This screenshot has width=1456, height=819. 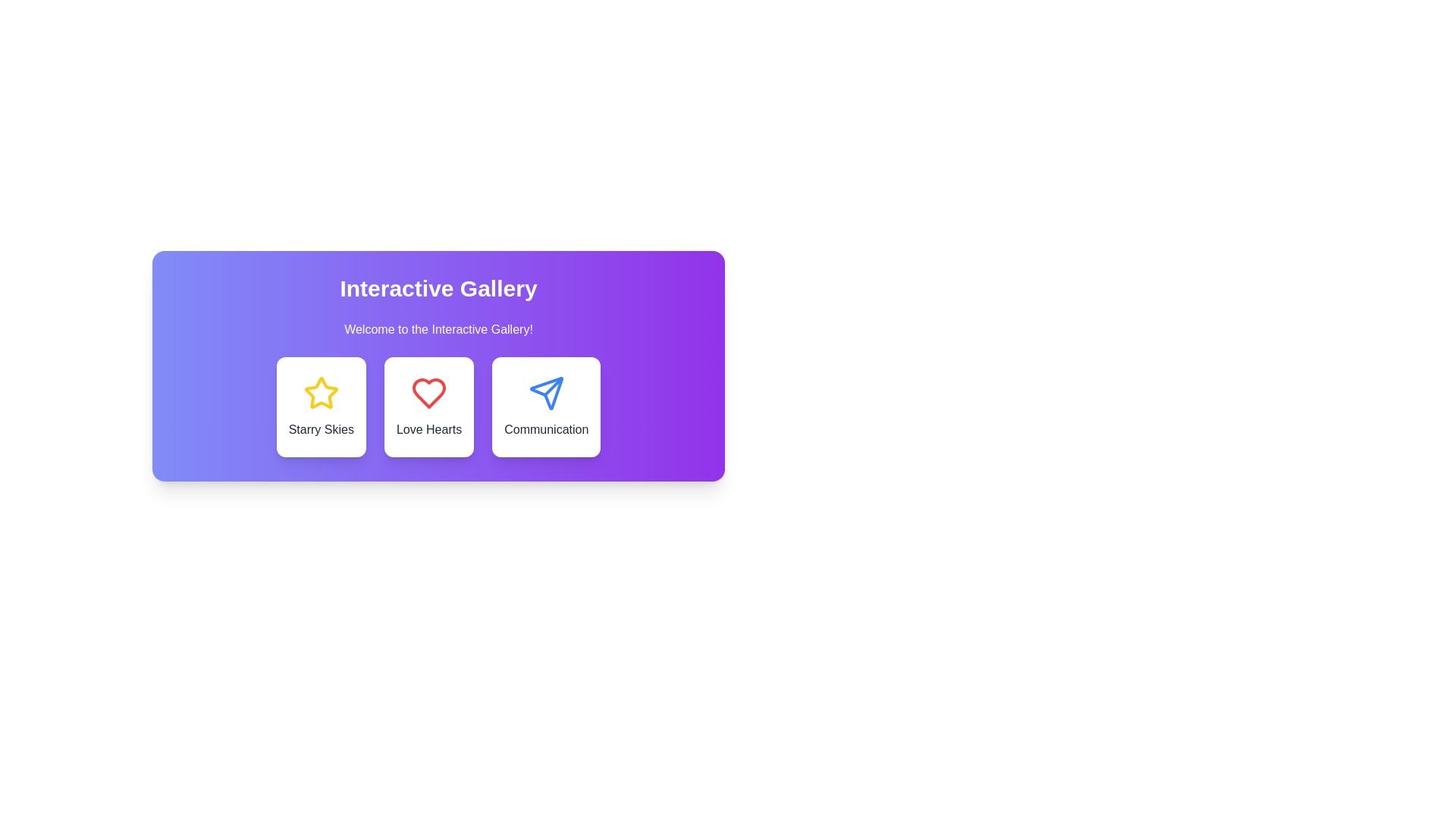 I want to click on the 'Starry Skies' button, which is a rectangular card with a white background, a yellow star icon at the top, and positioned leftmost in the 'Interactive Gallery' section, so click(x=320, y=406).